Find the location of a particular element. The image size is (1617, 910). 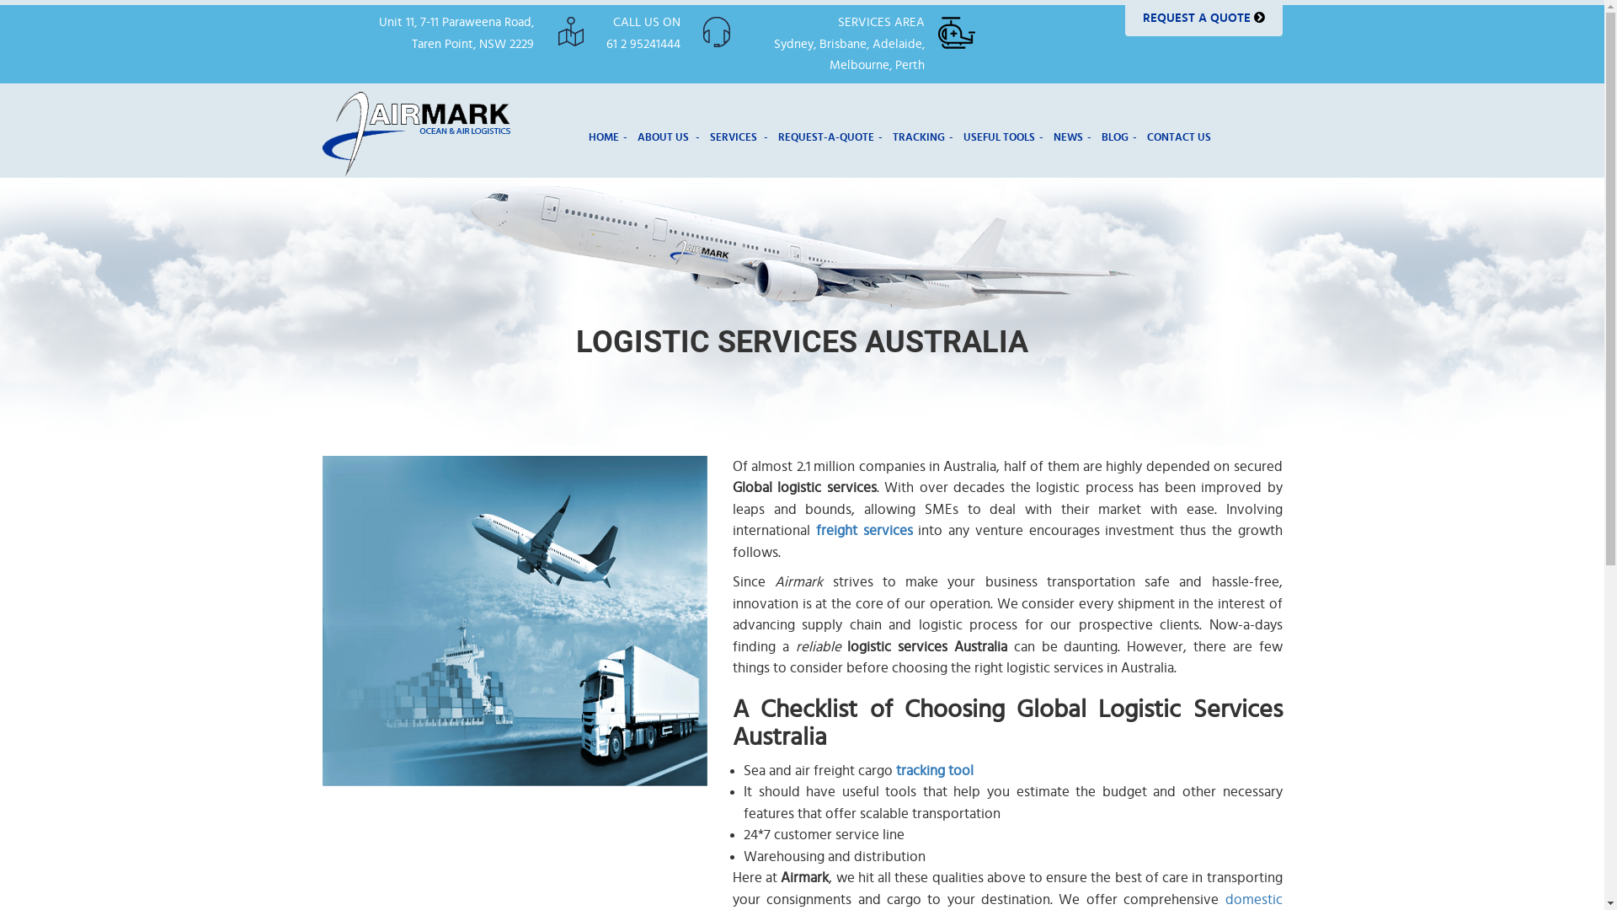

'REQUEST A QUOTE' is located at coordinates (1203, 18).